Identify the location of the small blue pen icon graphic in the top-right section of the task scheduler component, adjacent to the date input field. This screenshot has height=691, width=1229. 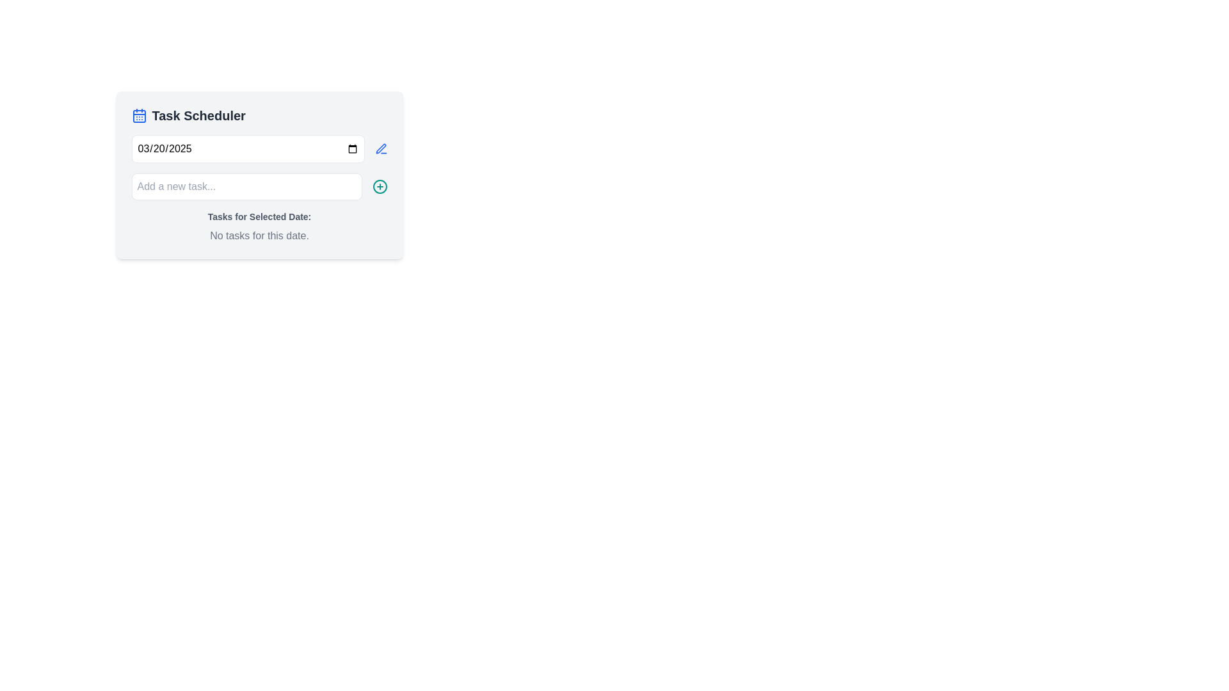
(380, 148).